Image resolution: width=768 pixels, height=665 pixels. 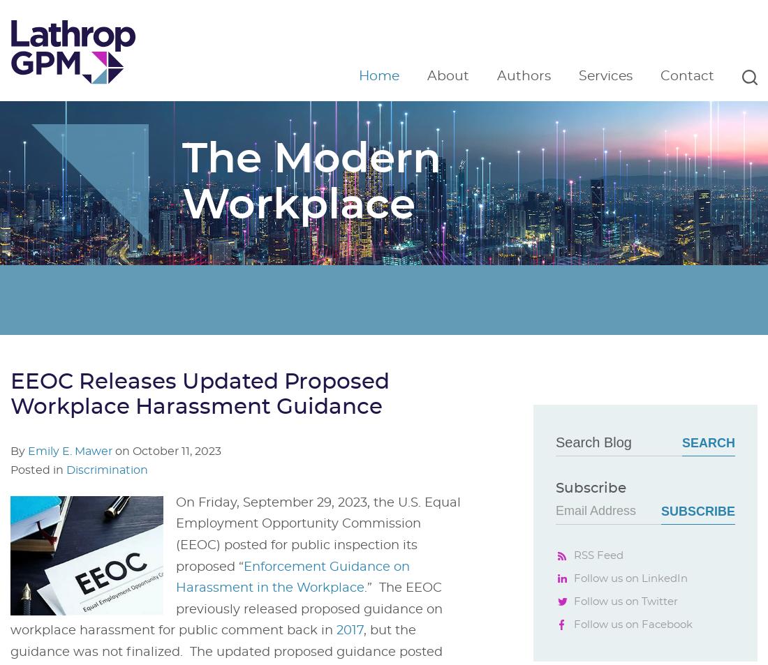 I want to click on 'Emily E. Mawer', so click(x=27, y=451).